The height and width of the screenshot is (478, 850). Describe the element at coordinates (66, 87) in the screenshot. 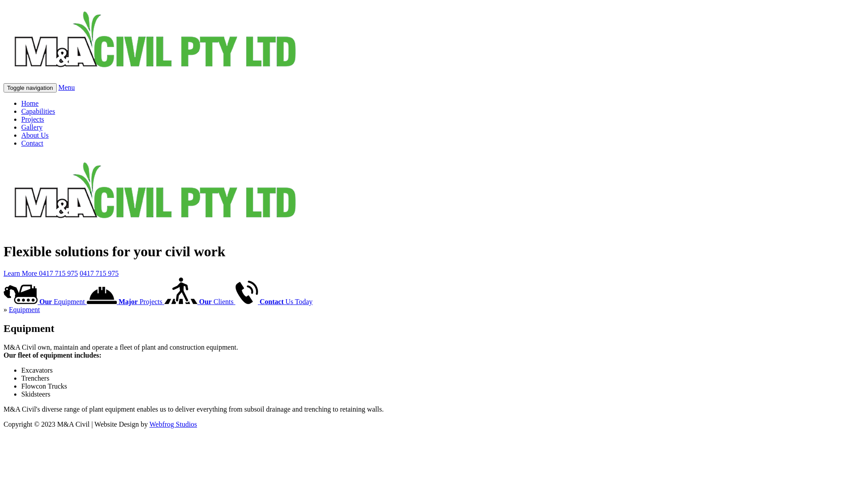

I see `'Menu'` at that location.